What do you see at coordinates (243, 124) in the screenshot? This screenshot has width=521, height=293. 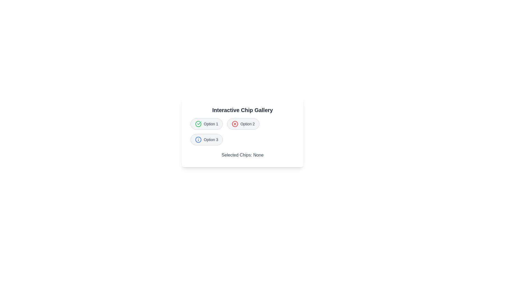 I see `the chip labeled Option 2 to observe its icon` at bounding box center [243, 124].